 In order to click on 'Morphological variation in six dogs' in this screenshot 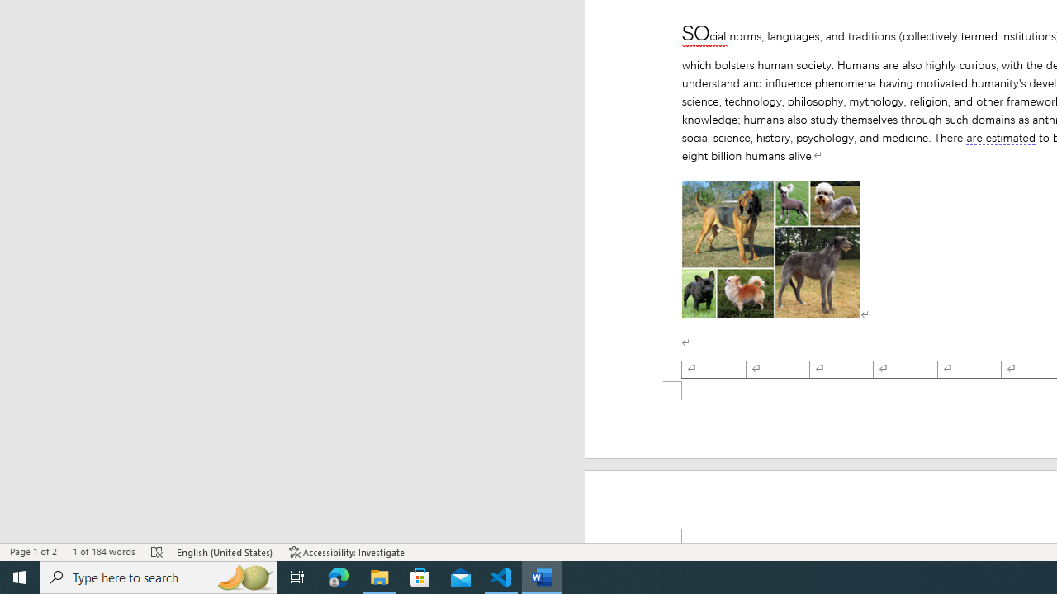, I will do `click(770, 249)`.